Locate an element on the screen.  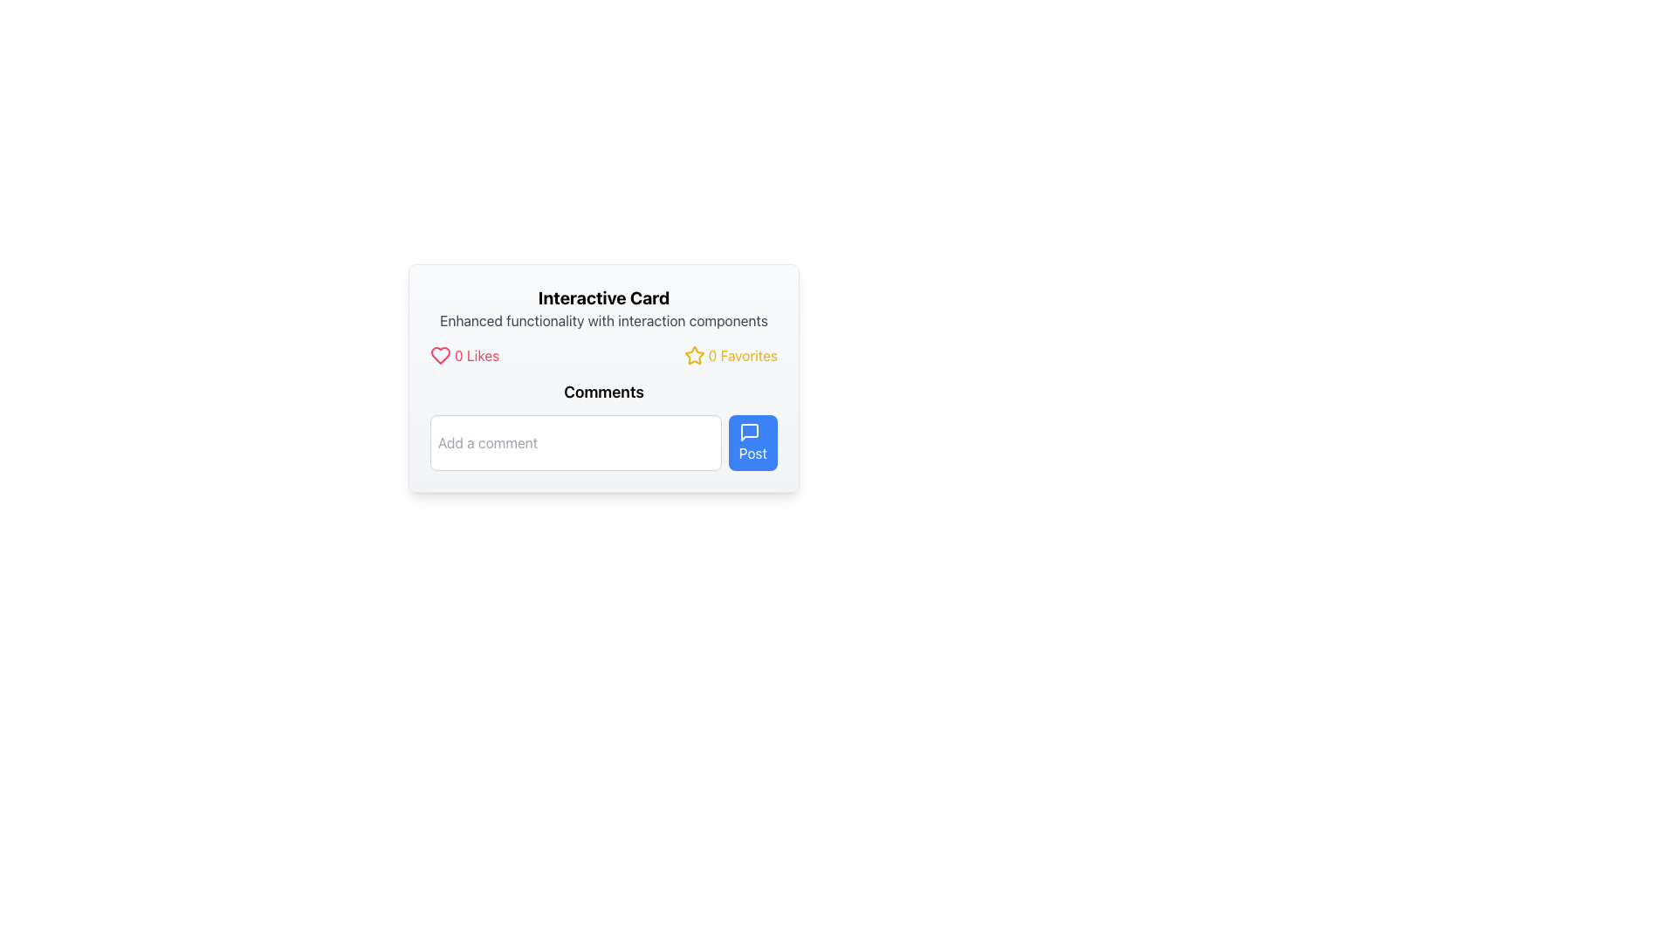
the submission button located at the bottom-right corner of the comment input section is located at coordinates (752, 442).